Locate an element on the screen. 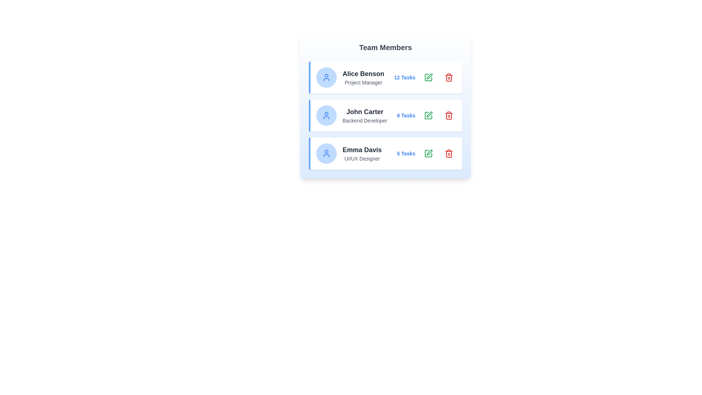 The width and height of the screenshot is (702, 395). 'Edit' button corresponding to the team member John Carter is located at coordinates (428, 115).